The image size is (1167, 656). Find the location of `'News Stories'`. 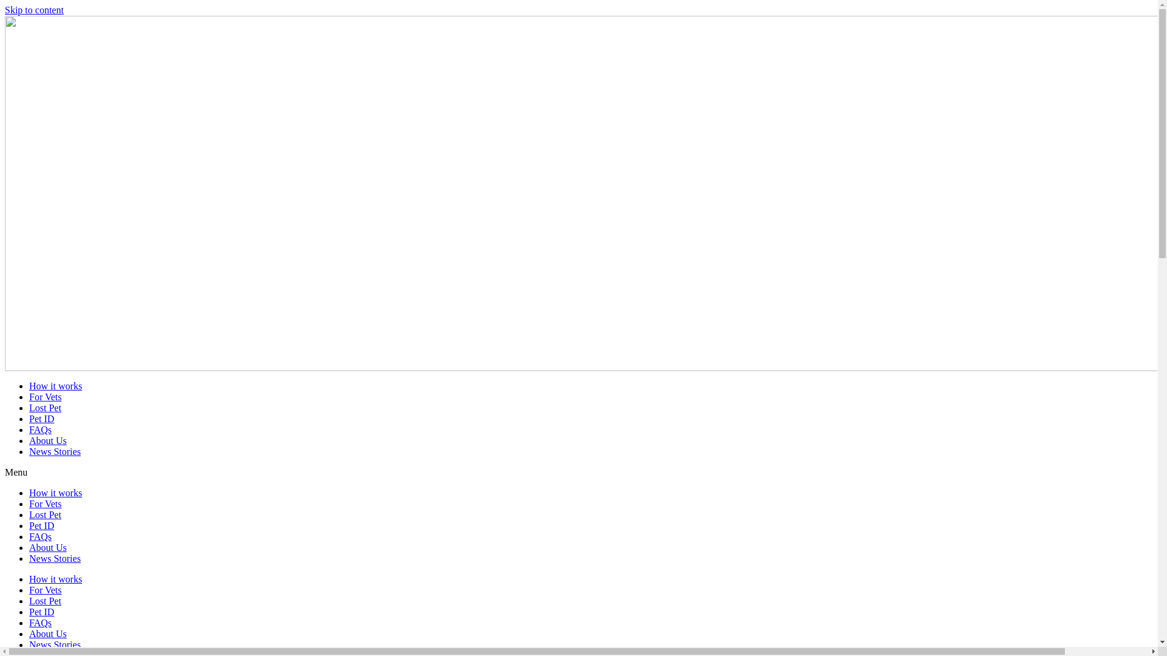

'News Stories' is located at coordinates (54, 451).